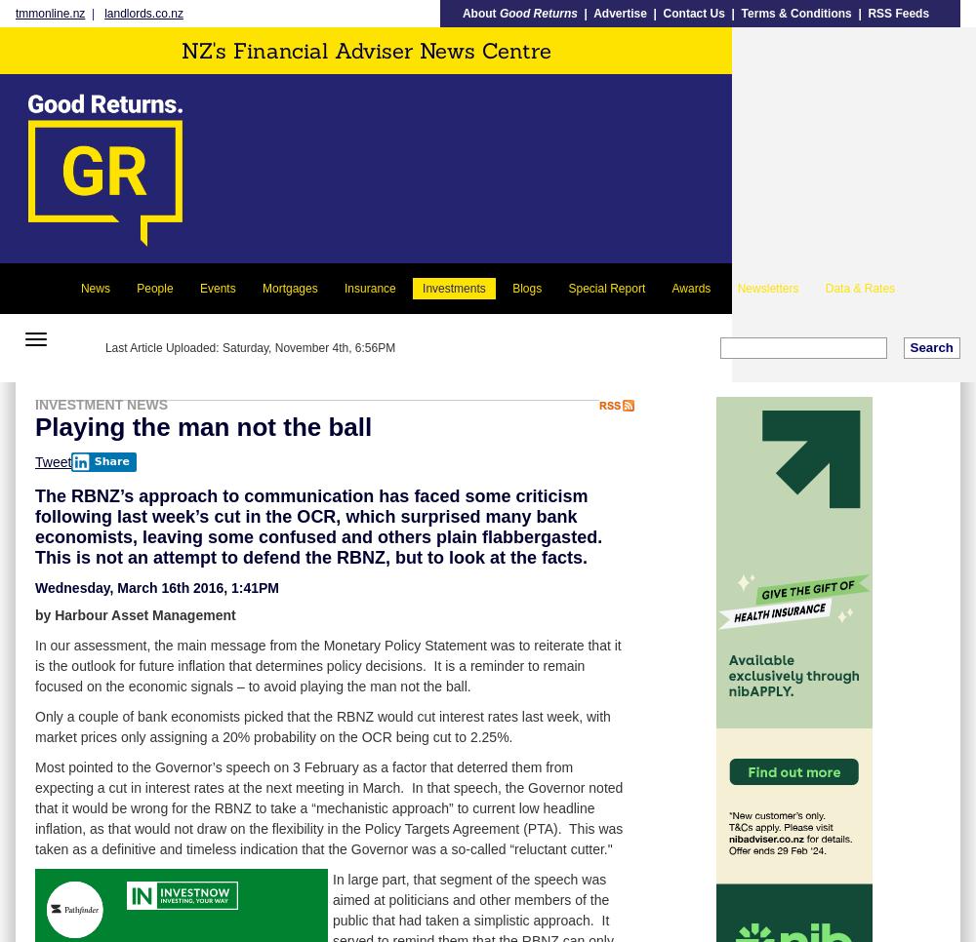 This screenshot has height=942, width=976. Describe the element at coordinates (135, 613) in the screenshot. I see `'by Harbour Asset Management'` at that location.